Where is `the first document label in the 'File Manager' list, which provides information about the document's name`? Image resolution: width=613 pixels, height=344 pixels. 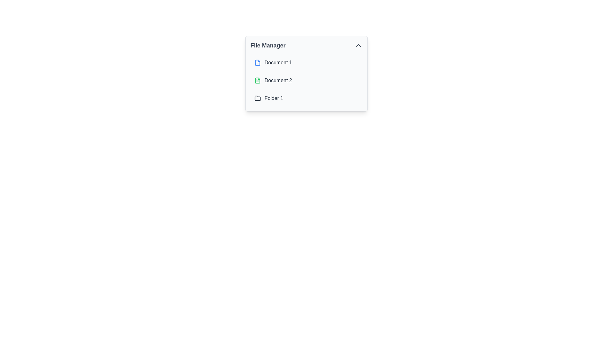
the first document label in the 'File Manager' list, which provides information about the document's name is located at coordinates (278, 62).